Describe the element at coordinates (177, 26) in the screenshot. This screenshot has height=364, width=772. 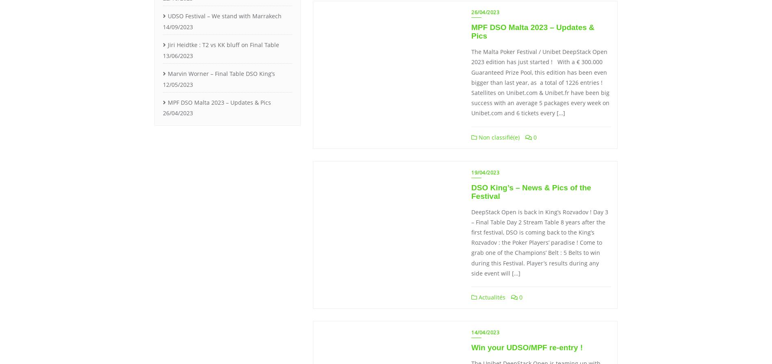
I see `'14/09/2023'` at that location.